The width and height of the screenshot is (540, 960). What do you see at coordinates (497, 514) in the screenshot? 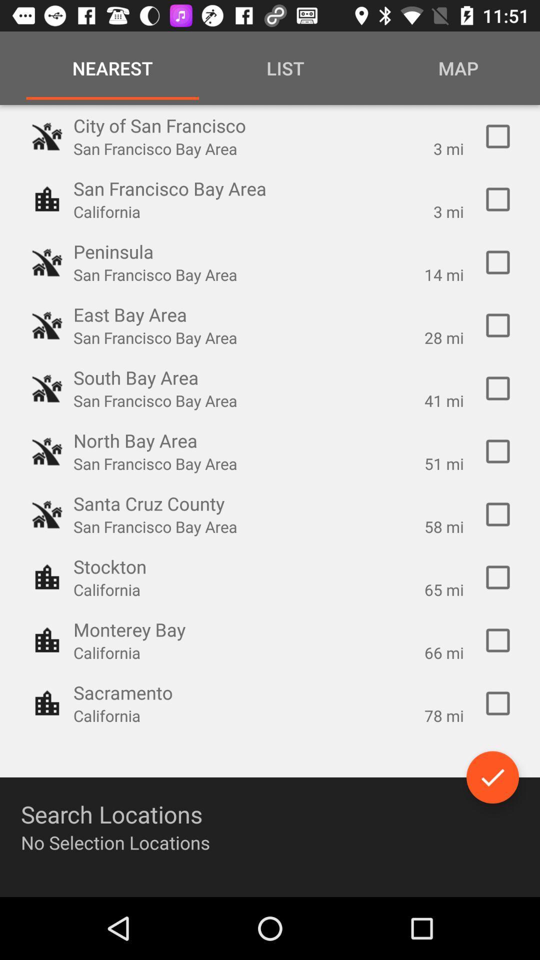
I see `the option` at bounding box center [497, 514].